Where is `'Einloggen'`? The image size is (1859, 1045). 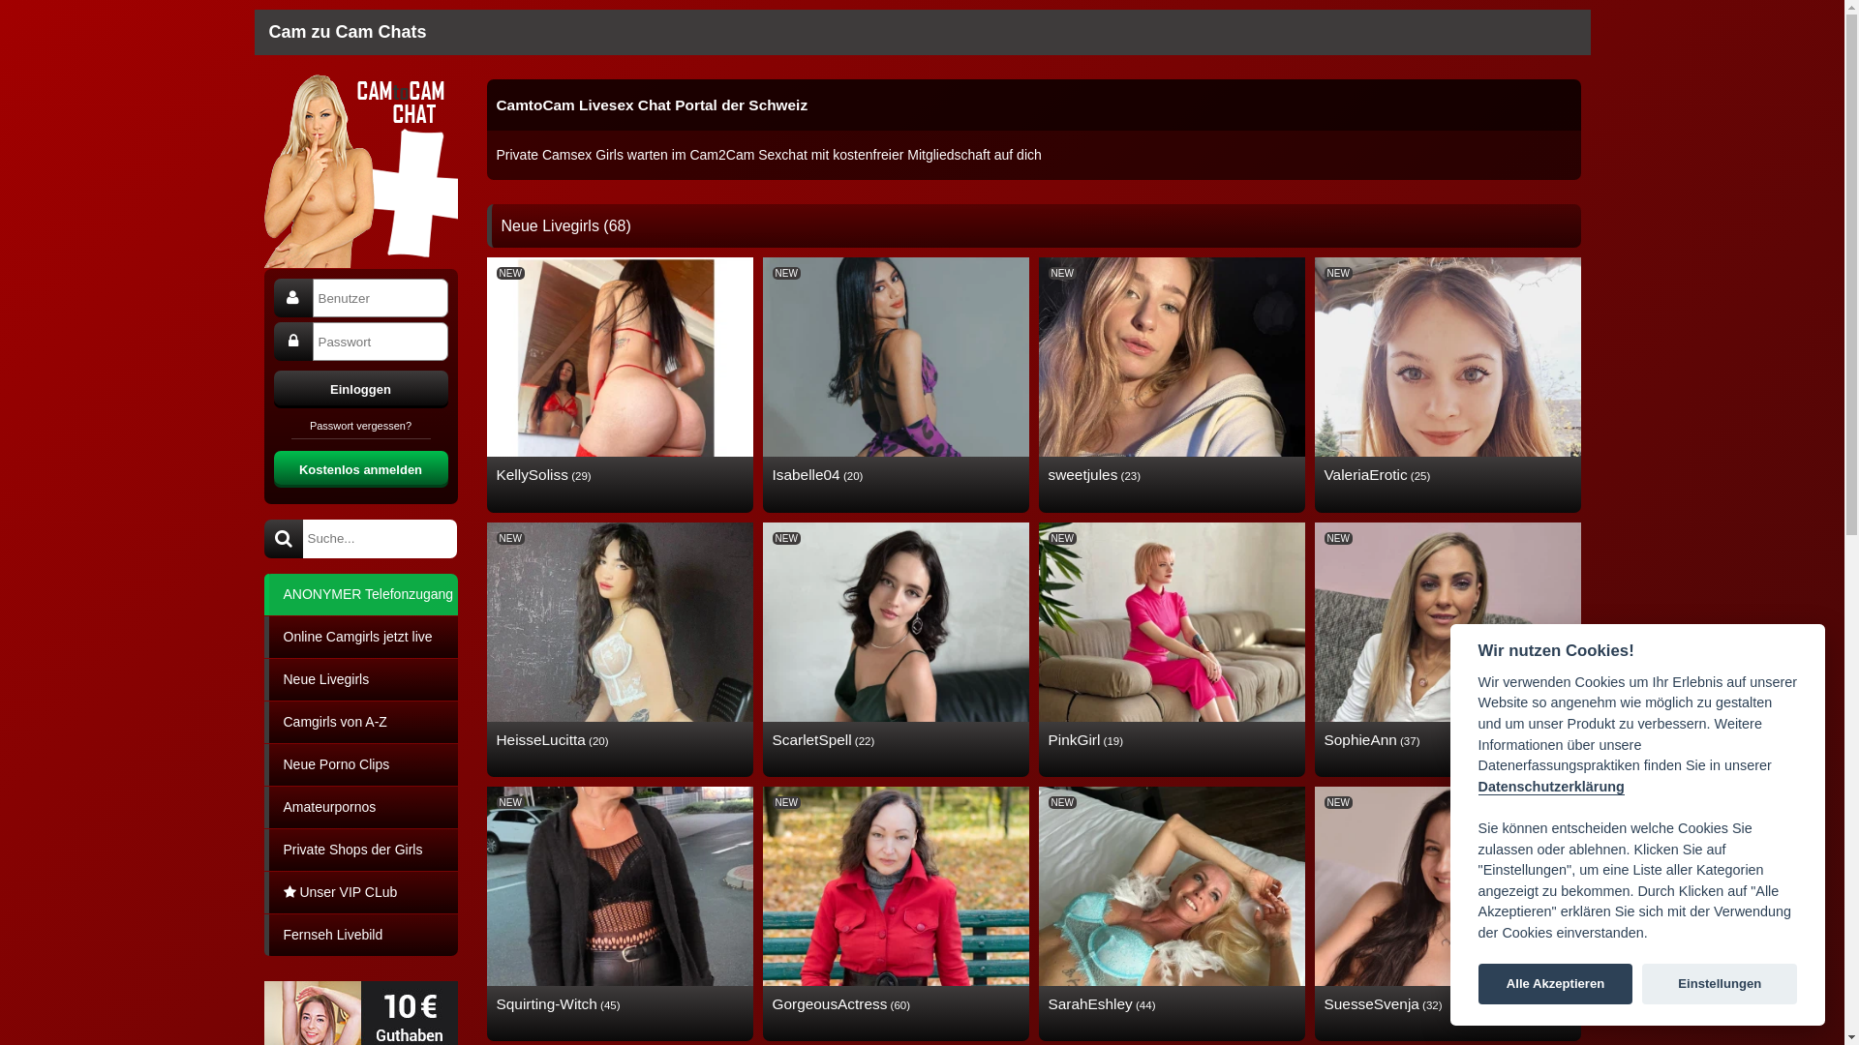 'Einloggen' is located at coordinates (272, 388).